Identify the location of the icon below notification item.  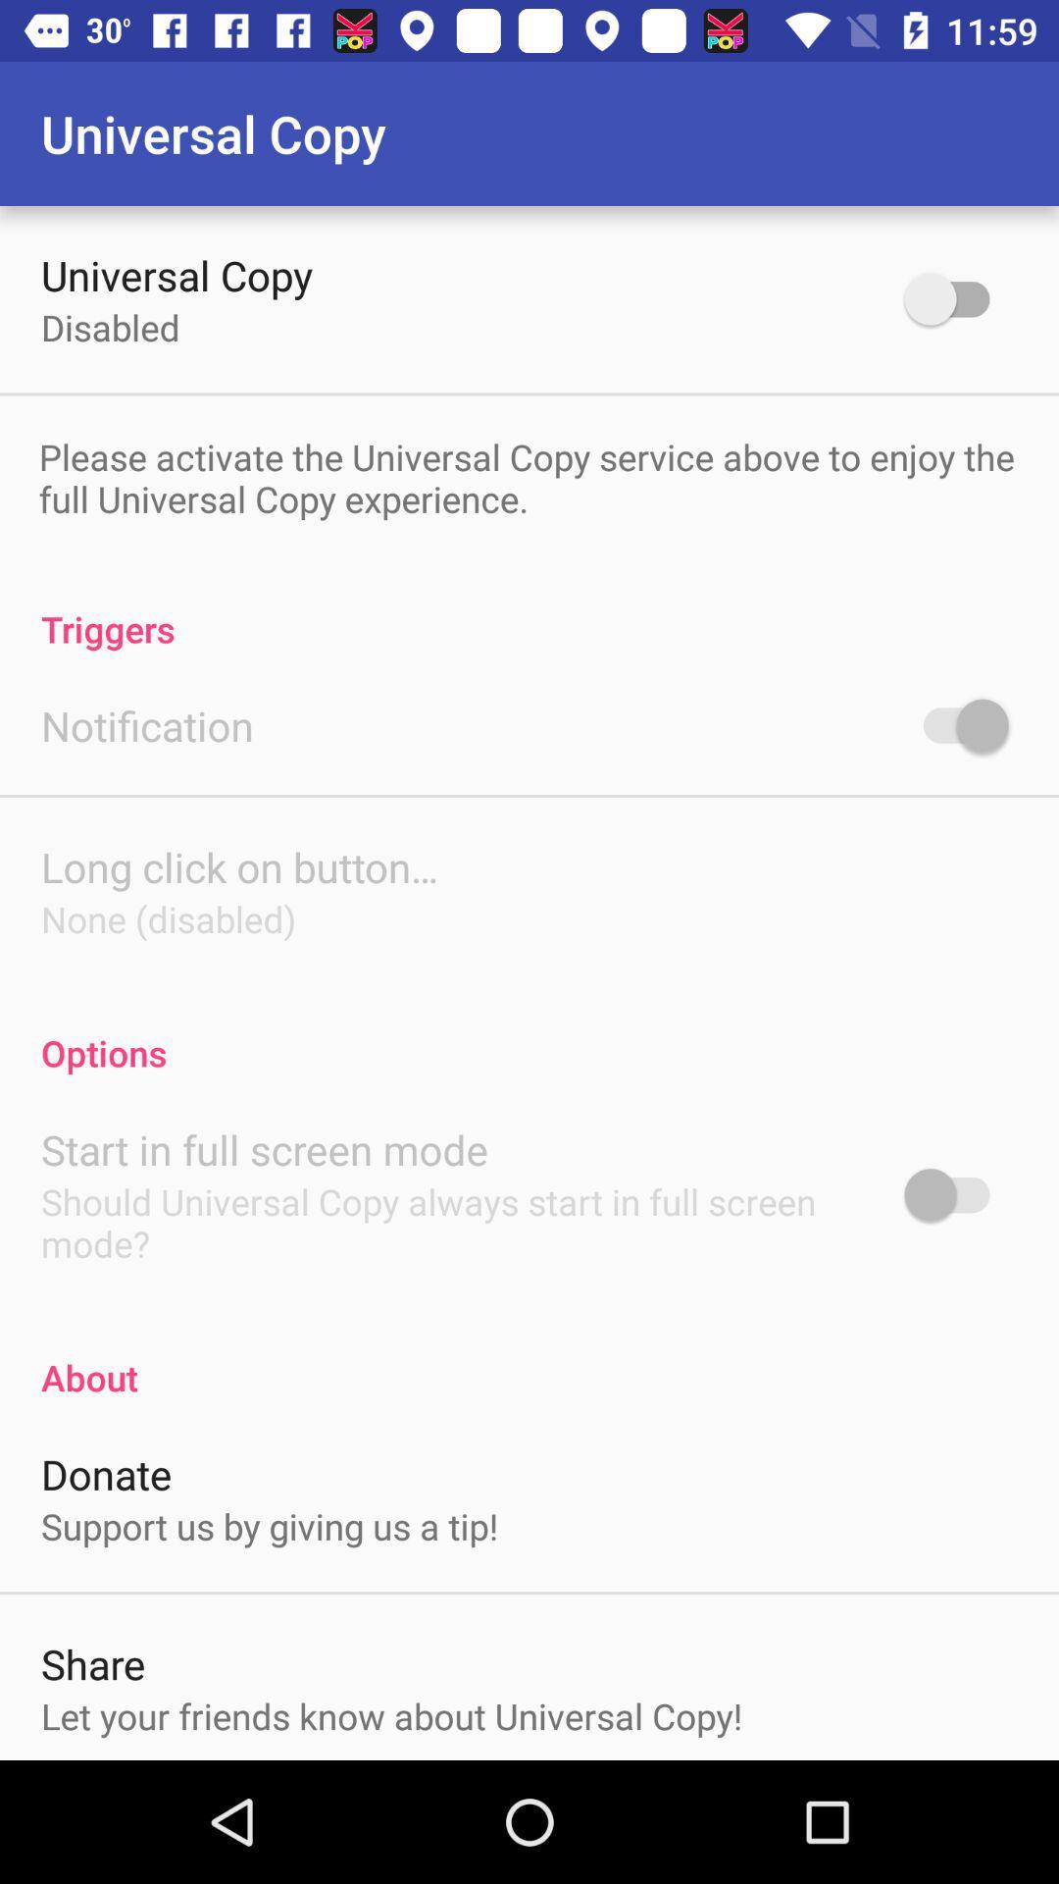
(238, 865).